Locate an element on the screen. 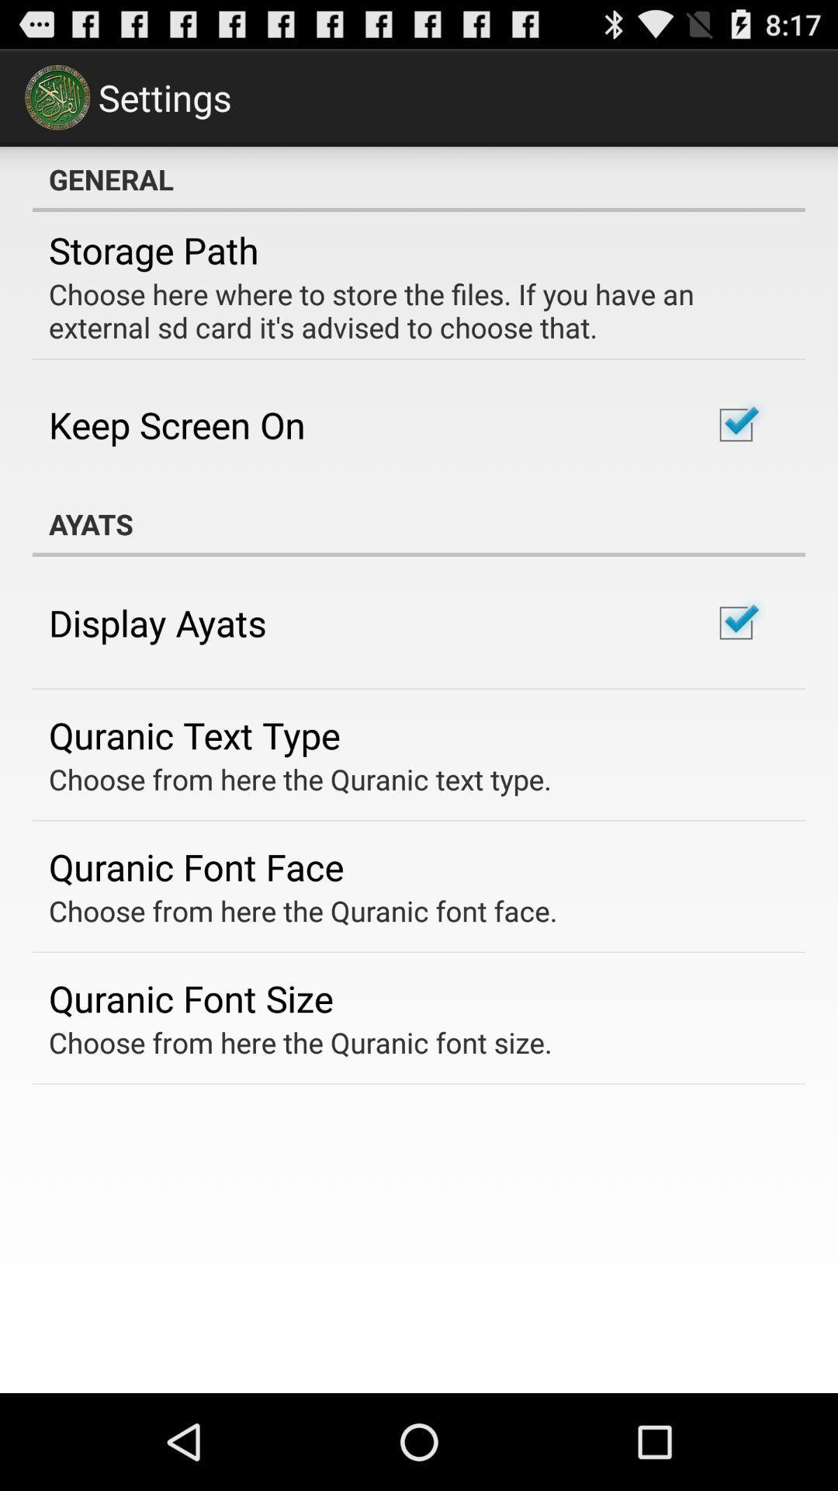 The width and height of the screenshot is (838, 1491). the keep screen on is located at coordinates (176, 425).